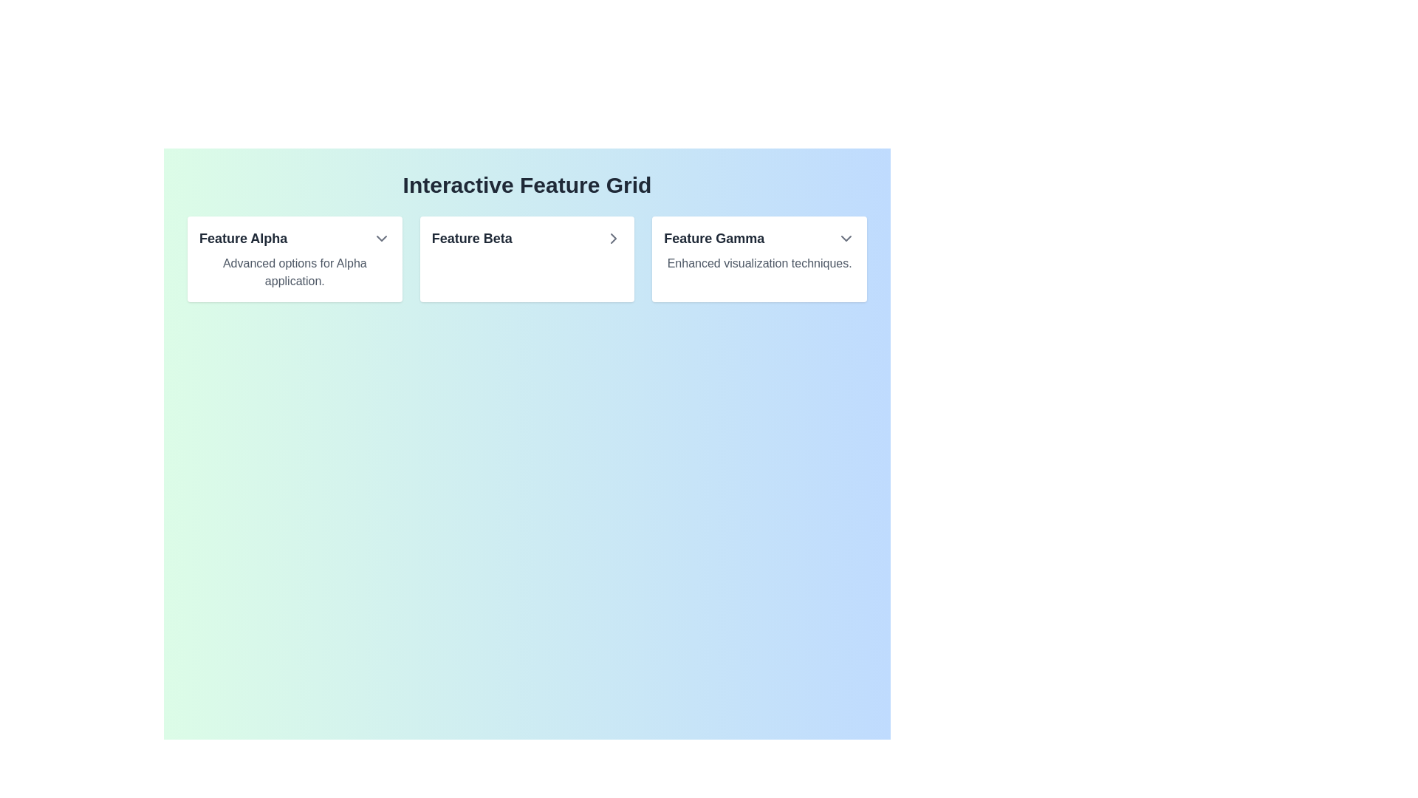  I want to click on the static Text label providing descriptive information about the 'Feature Gamma' feature located within the 'Feature Gamma' panel, so click(759, 263).